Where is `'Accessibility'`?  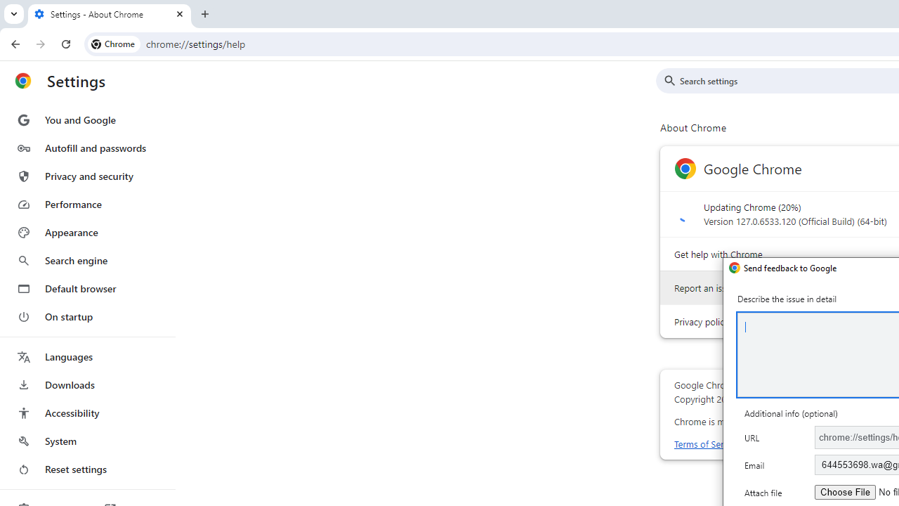 'Accessibility' is located at coordinates (86, 412).